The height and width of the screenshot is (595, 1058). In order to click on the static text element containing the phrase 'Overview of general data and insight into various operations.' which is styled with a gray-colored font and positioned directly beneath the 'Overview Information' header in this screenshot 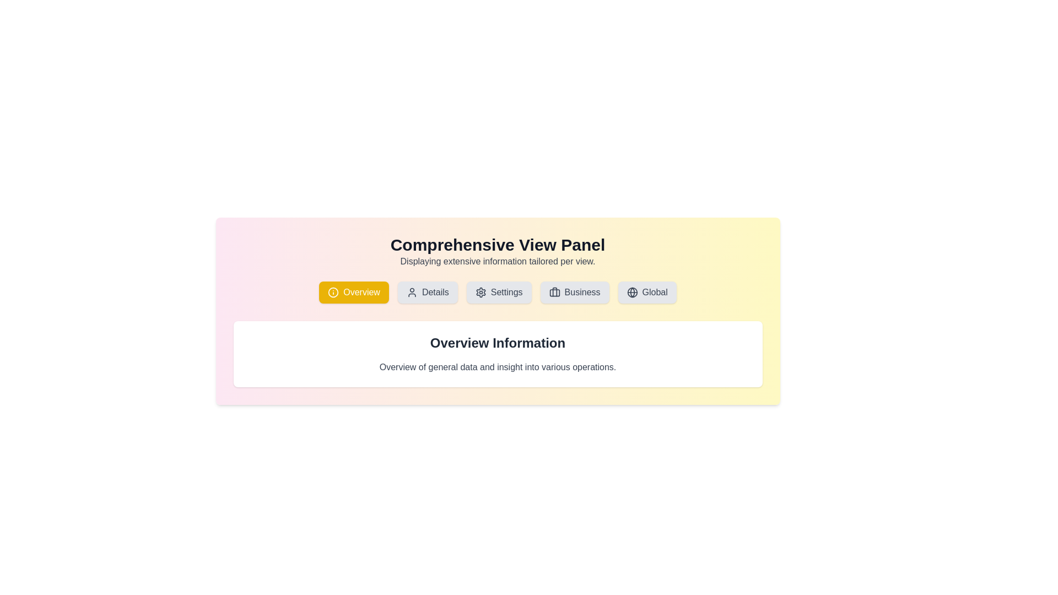, I will do `click(497, 367)`.